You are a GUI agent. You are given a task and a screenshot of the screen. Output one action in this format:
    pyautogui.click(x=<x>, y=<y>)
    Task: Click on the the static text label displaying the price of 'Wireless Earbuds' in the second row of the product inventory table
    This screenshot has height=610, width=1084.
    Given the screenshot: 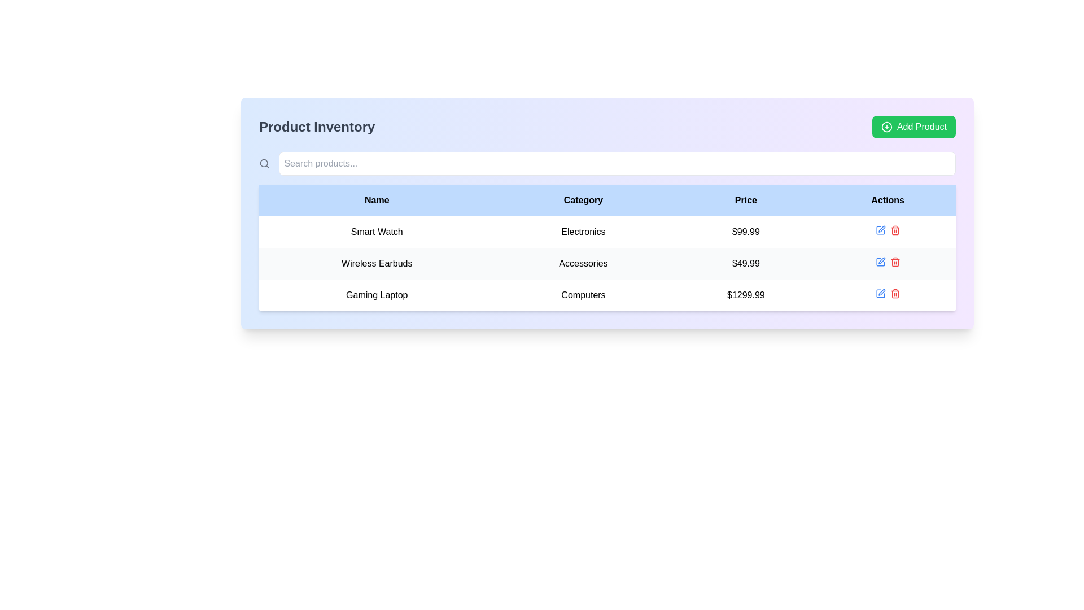 What is the action you would take?
    pyautogui.click(x=746, y=263)
    